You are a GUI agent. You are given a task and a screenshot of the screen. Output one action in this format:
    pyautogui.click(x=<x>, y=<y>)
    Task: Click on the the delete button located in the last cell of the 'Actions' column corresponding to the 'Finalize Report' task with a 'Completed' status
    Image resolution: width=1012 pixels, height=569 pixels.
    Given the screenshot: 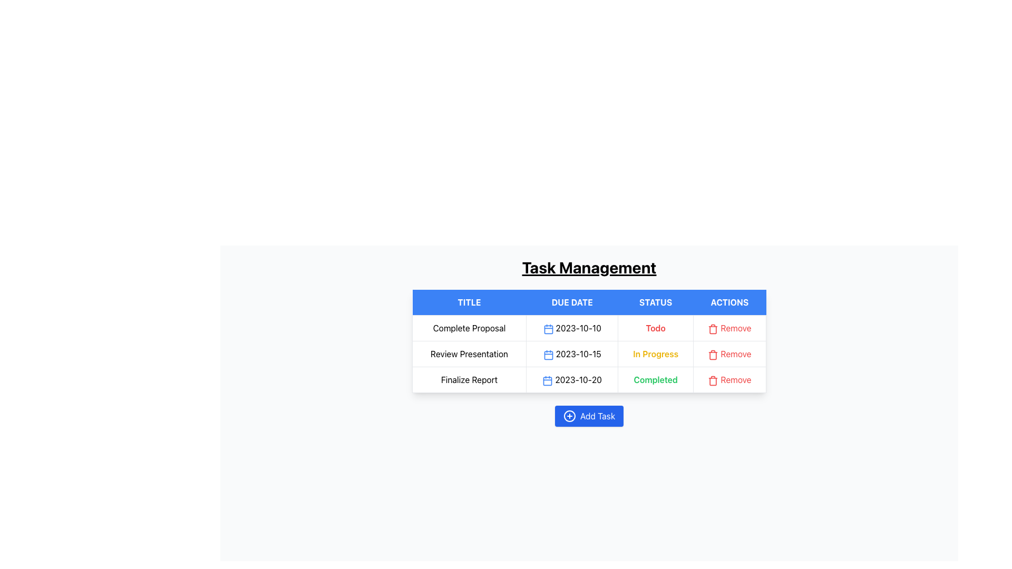 What is the action you would take?
    pyautogui.click(x=728, y=380)
    